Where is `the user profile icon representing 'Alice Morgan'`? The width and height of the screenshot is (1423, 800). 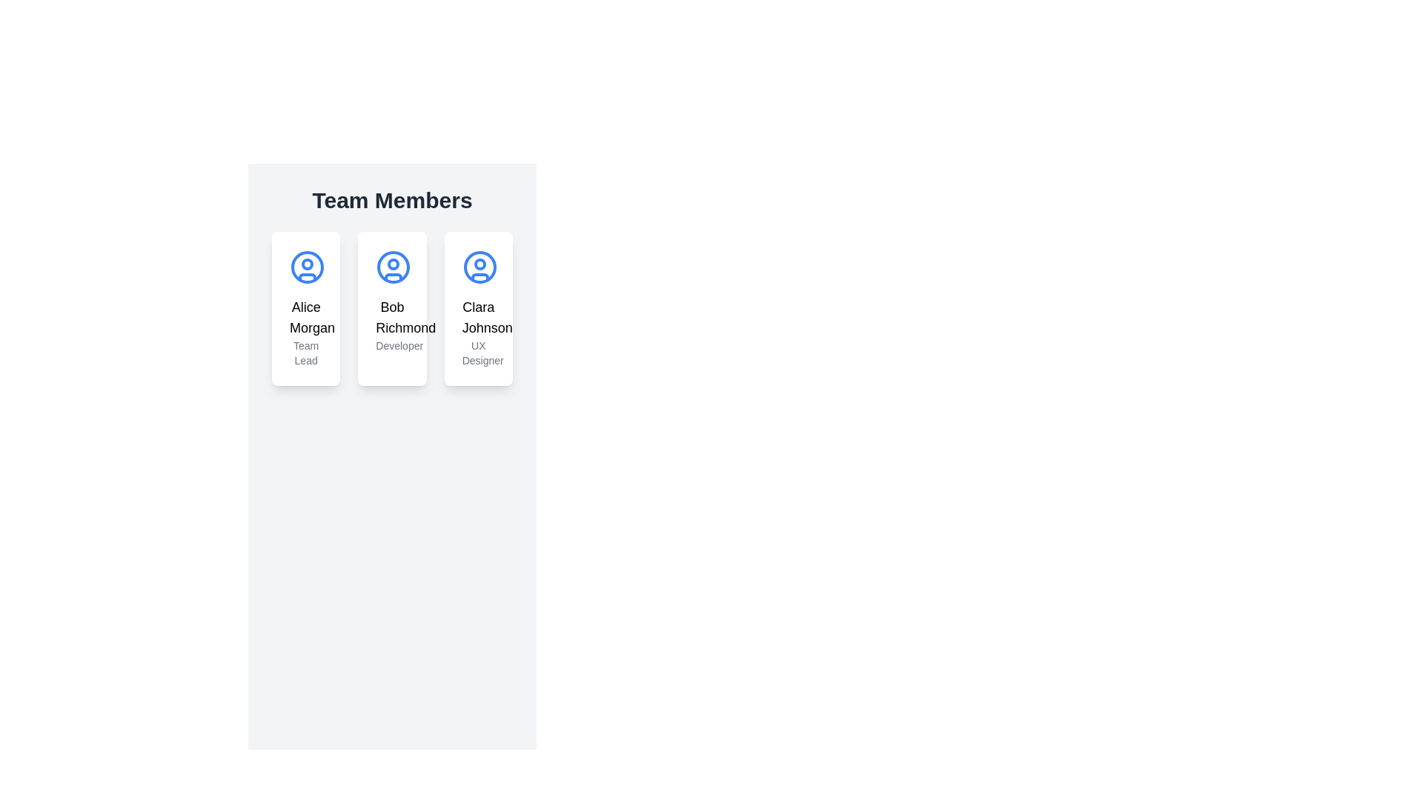 the user profile icon representing 'Alice Morgan' is located at coordinates (306, 267).